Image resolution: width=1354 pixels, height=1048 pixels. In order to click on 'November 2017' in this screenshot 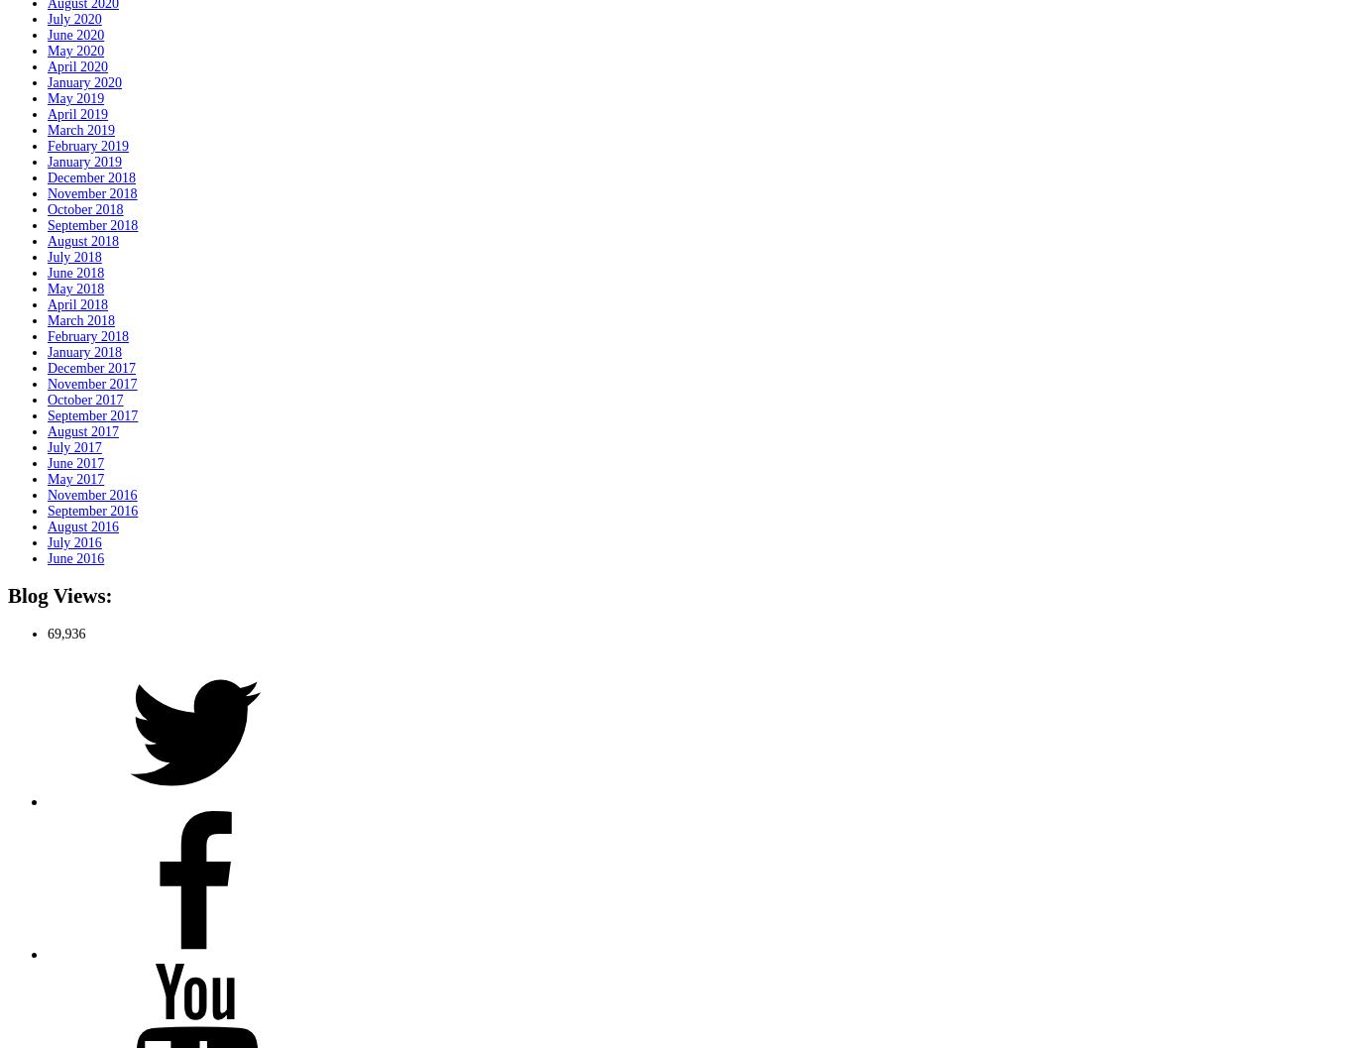, I will do `click(47, 382)`.